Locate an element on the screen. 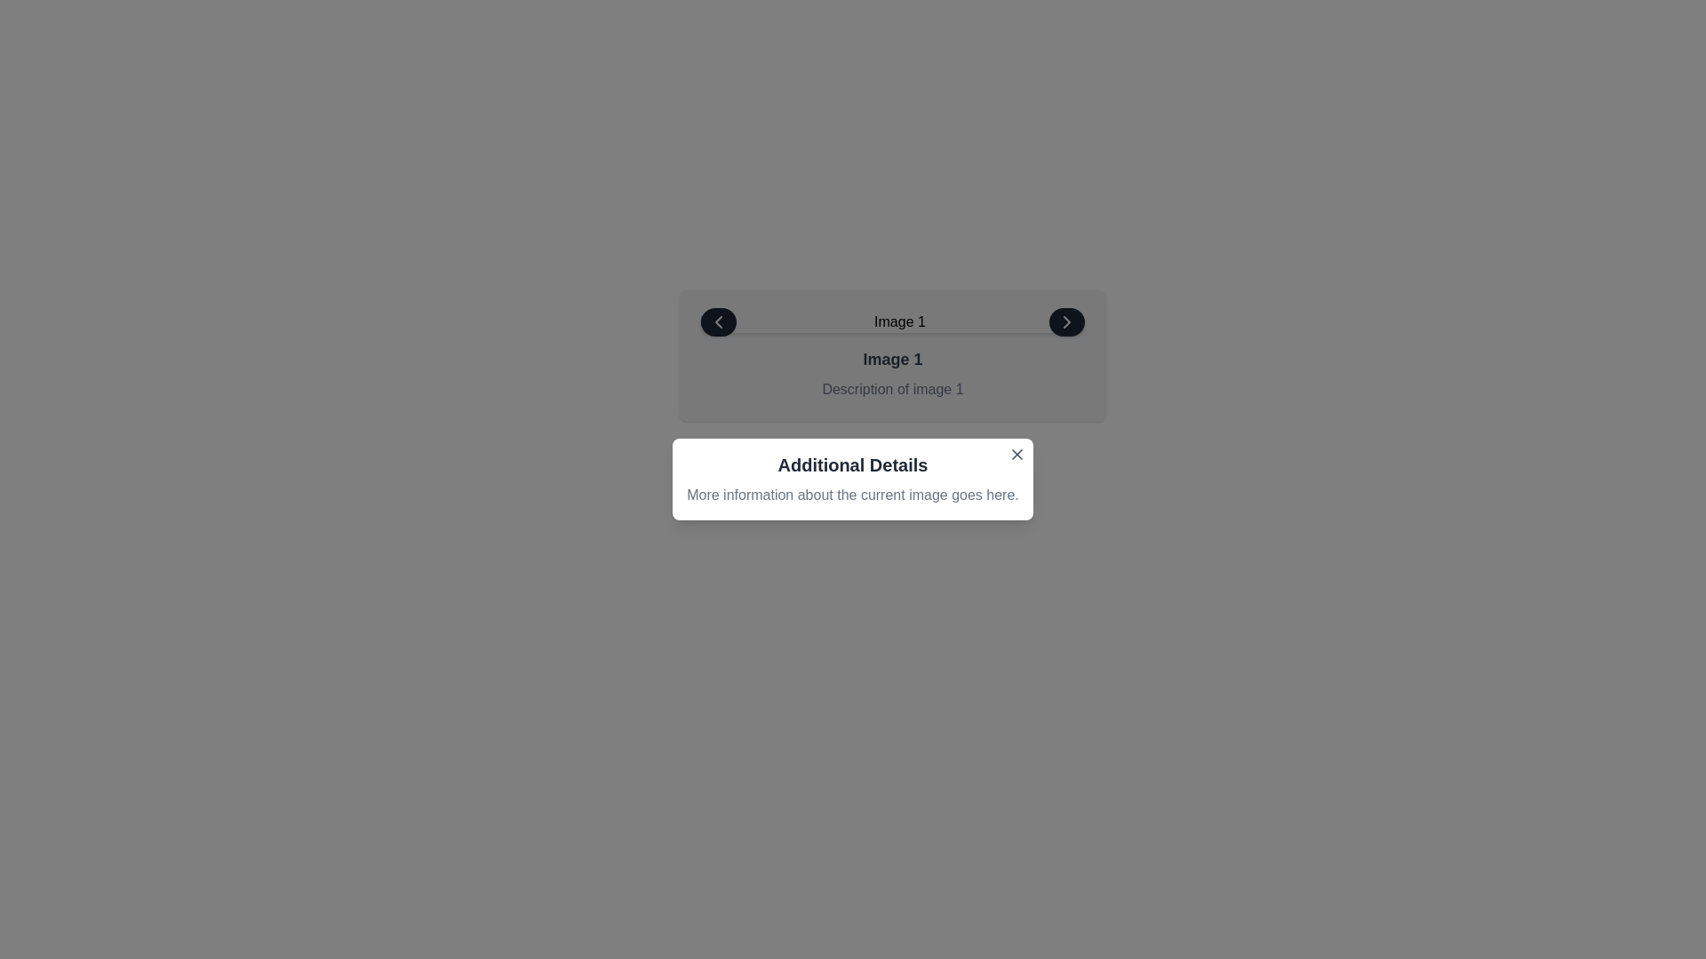 The height and width of the screenshot is (959, 1706). the rightward chevron arrow icon, which is styled with a minimalist design and located in the rightmost section of the horizontal navigation bar is located at coordinates (1066, 321).